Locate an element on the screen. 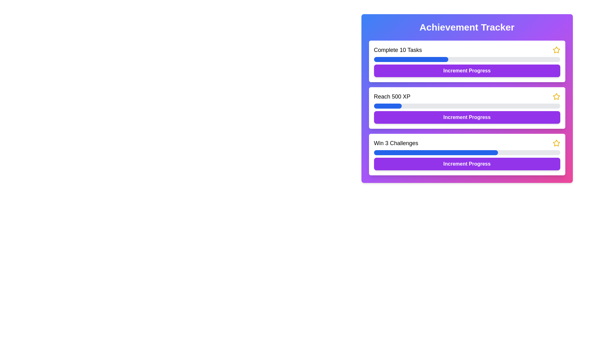  the textual label 'Win 3 Challenges' which is positioned in the third row of the progress tracking section, located to the left of a star icon is located at coordinates (395, 143).